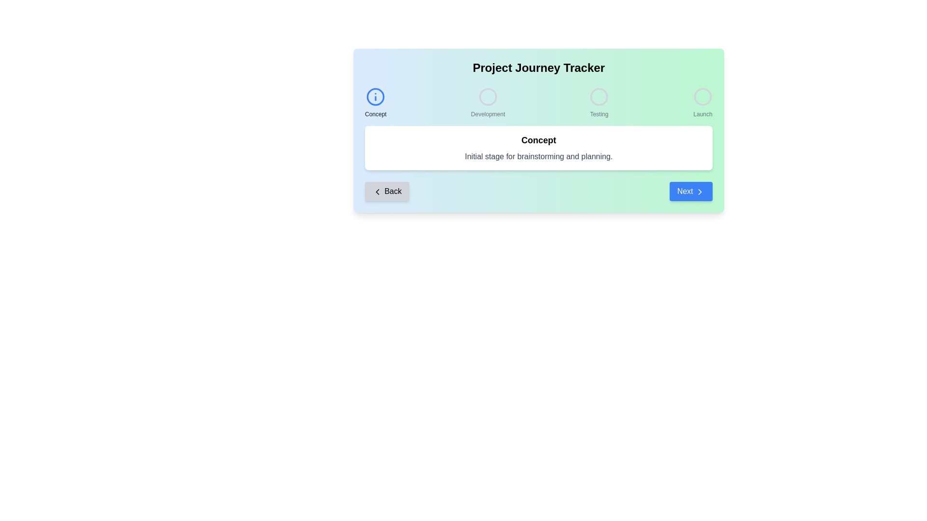 This screenshot has width=927, height=521. I want to click on the circular SVG graphic element that represents the information icon located in the upper left section of the 'Concept' card, so click(375, 96).